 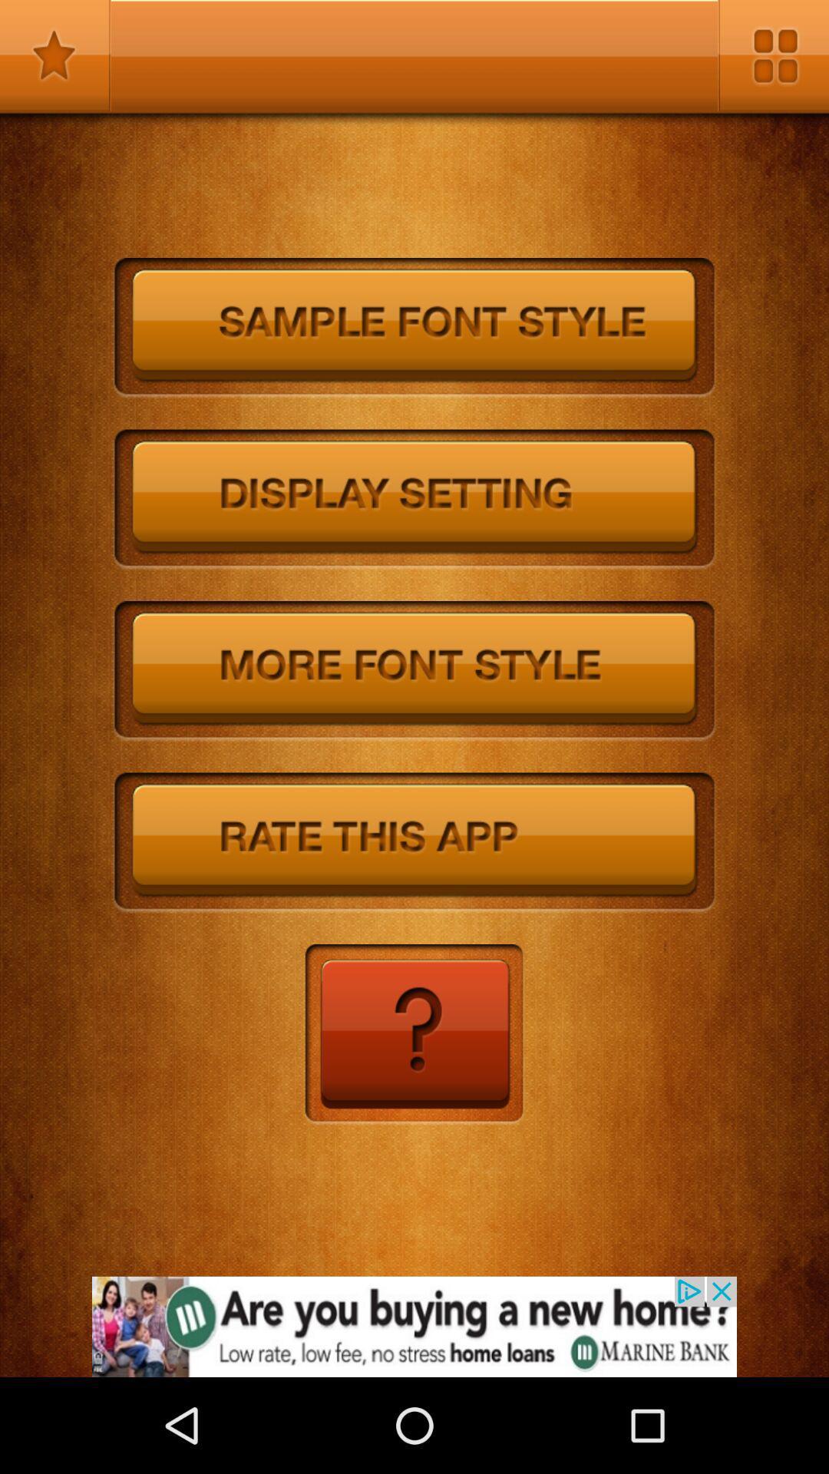 What do you see at coordinates (414, 671) in the screenshot?
I see `more font style` at bounding box center [414, 671].